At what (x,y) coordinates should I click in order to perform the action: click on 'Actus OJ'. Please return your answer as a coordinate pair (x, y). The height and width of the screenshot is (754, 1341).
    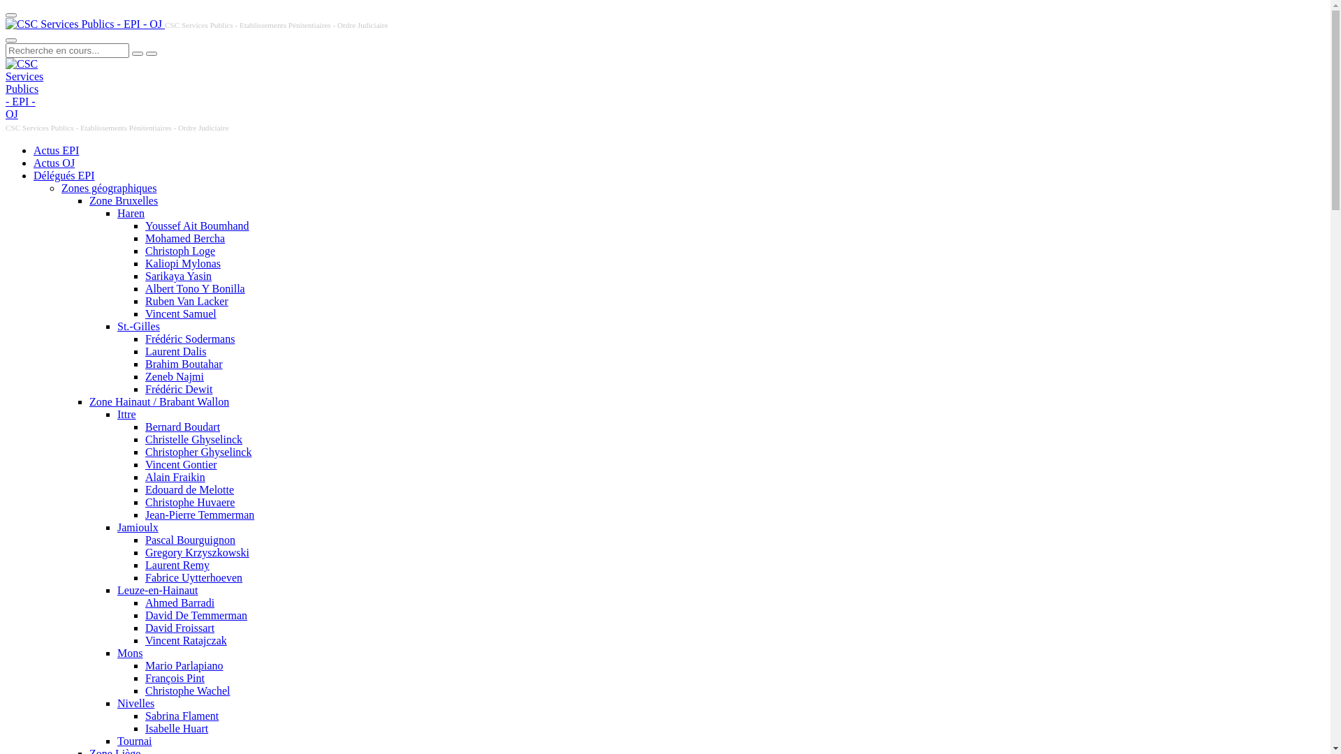
    Looking at the image, I should click on (54, 162).